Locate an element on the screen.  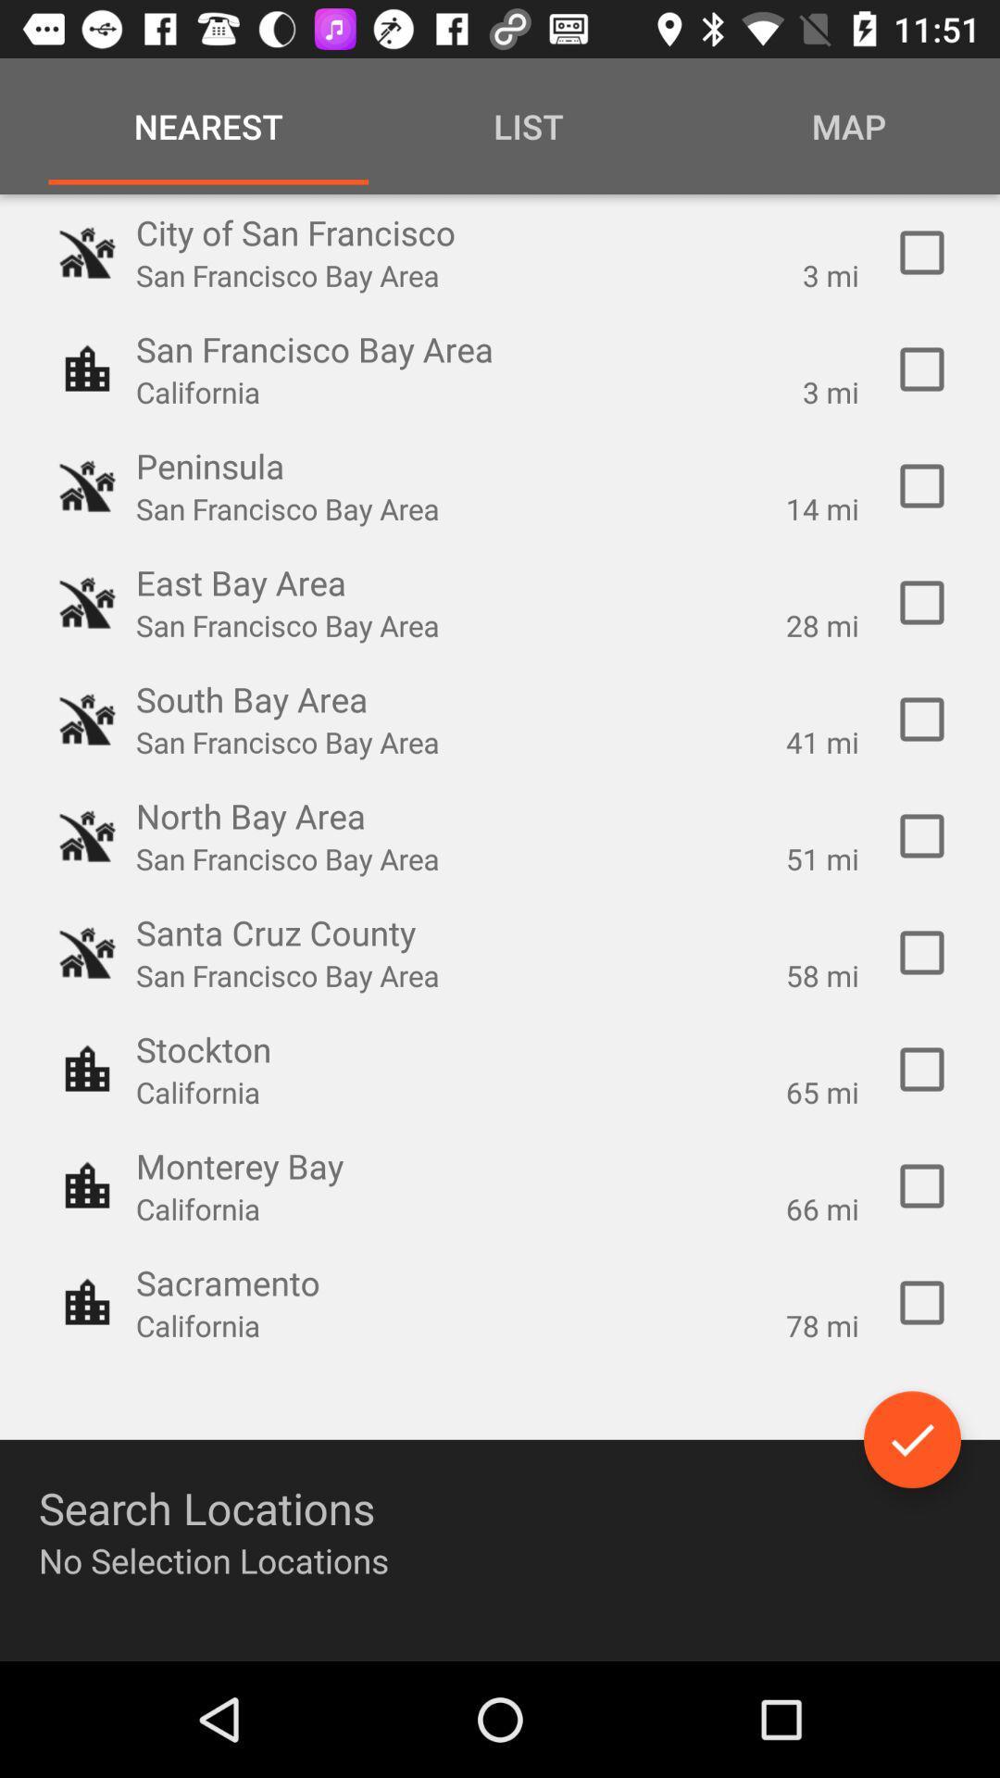
checked location to list of search locations is located at coordinates (921, 952).